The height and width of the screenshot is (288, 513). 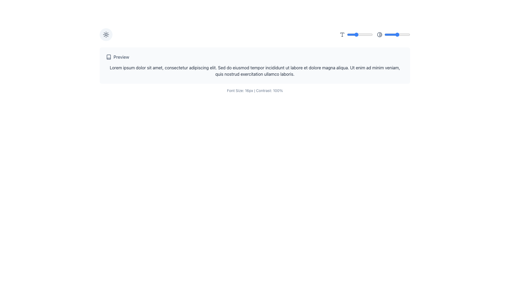 What do you see at coordinates (392, 36) in the screenshot?
I see `the save icon in the toolbar located at the top right of the interface` at bounding box center [392, 36].